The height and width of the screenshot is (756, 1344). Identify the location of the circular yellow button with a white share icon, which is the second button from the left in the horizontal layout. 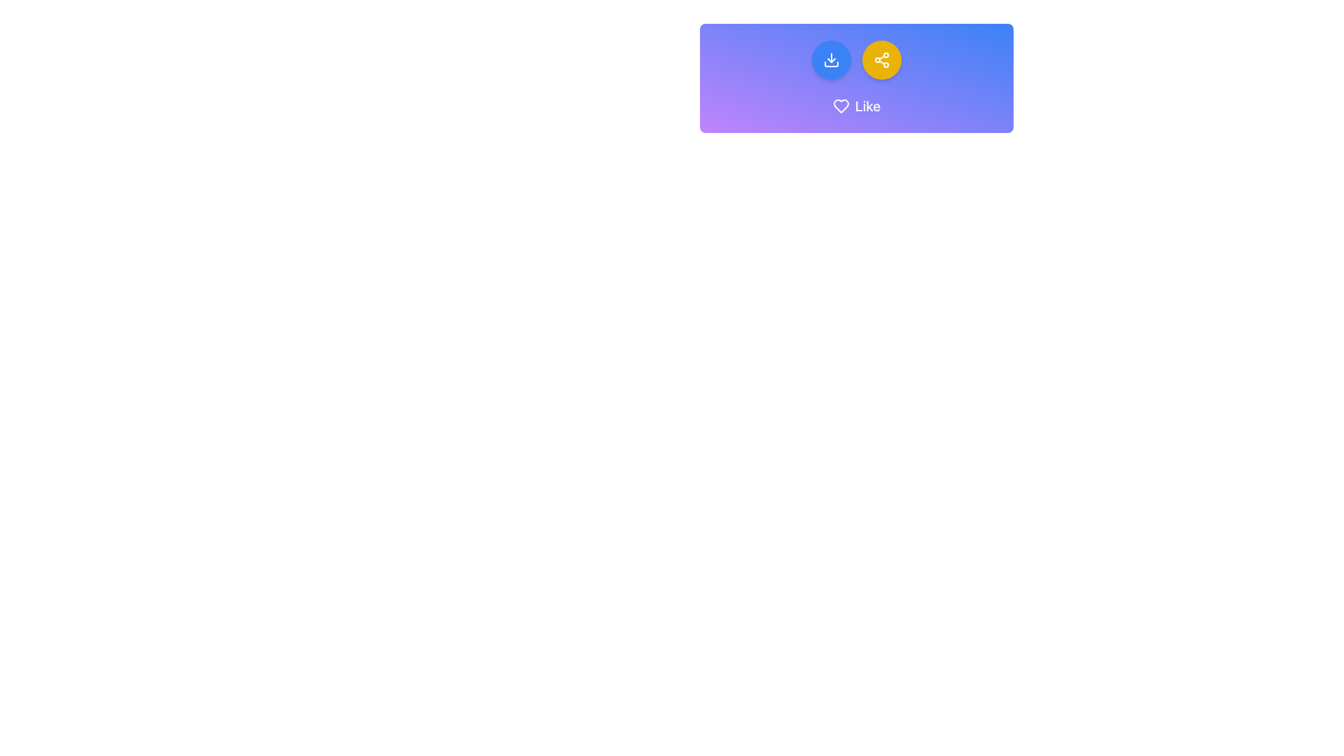
(881, 59).